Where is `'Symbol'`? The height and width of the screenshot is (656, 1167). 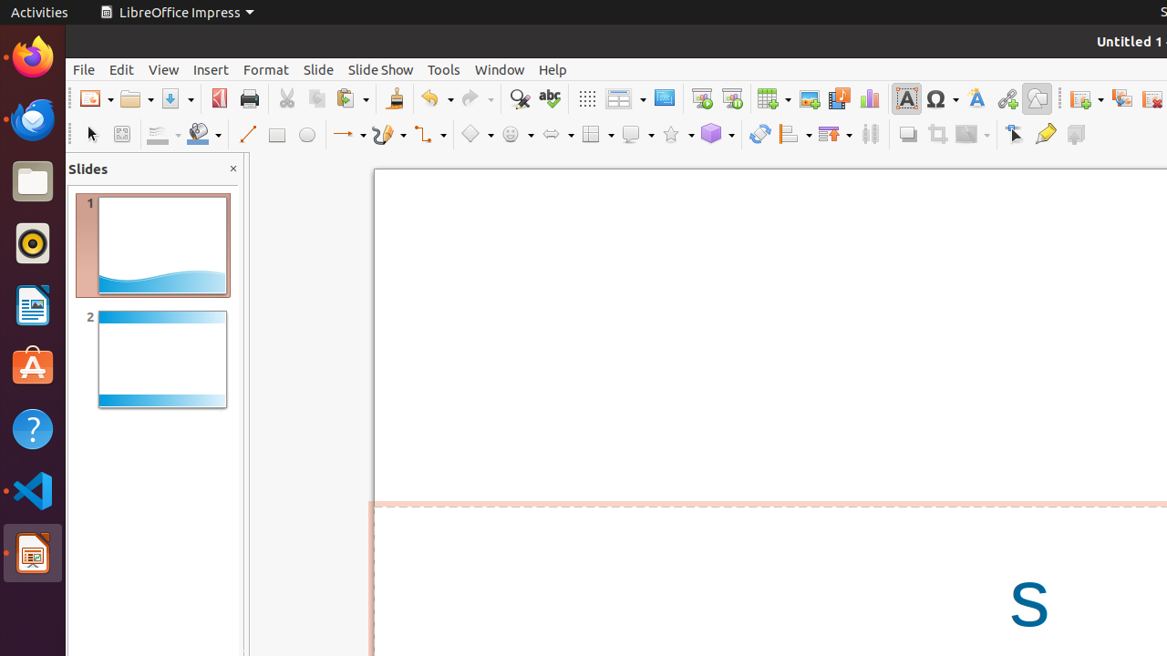 'Symbol' is located at coordinates (941, 98).